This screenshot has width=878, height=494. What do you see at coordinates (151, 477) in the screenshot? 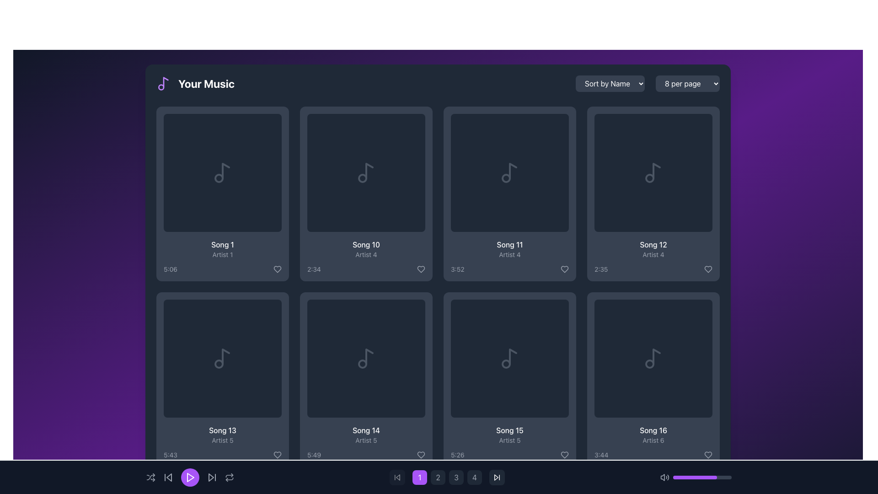
I see `the shuffle button located in the bottom-left corner of the playback control bar to change the icon color` at bounding box center [151, 477].